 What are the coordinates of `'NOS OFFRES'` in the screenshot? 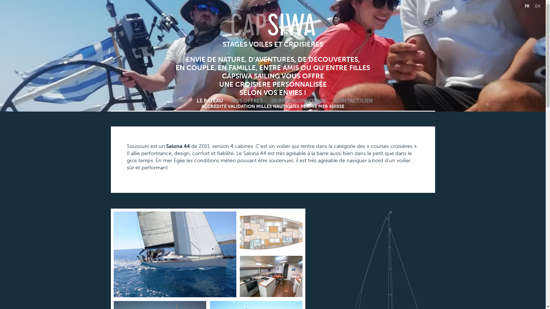 It's located at (247, 100).